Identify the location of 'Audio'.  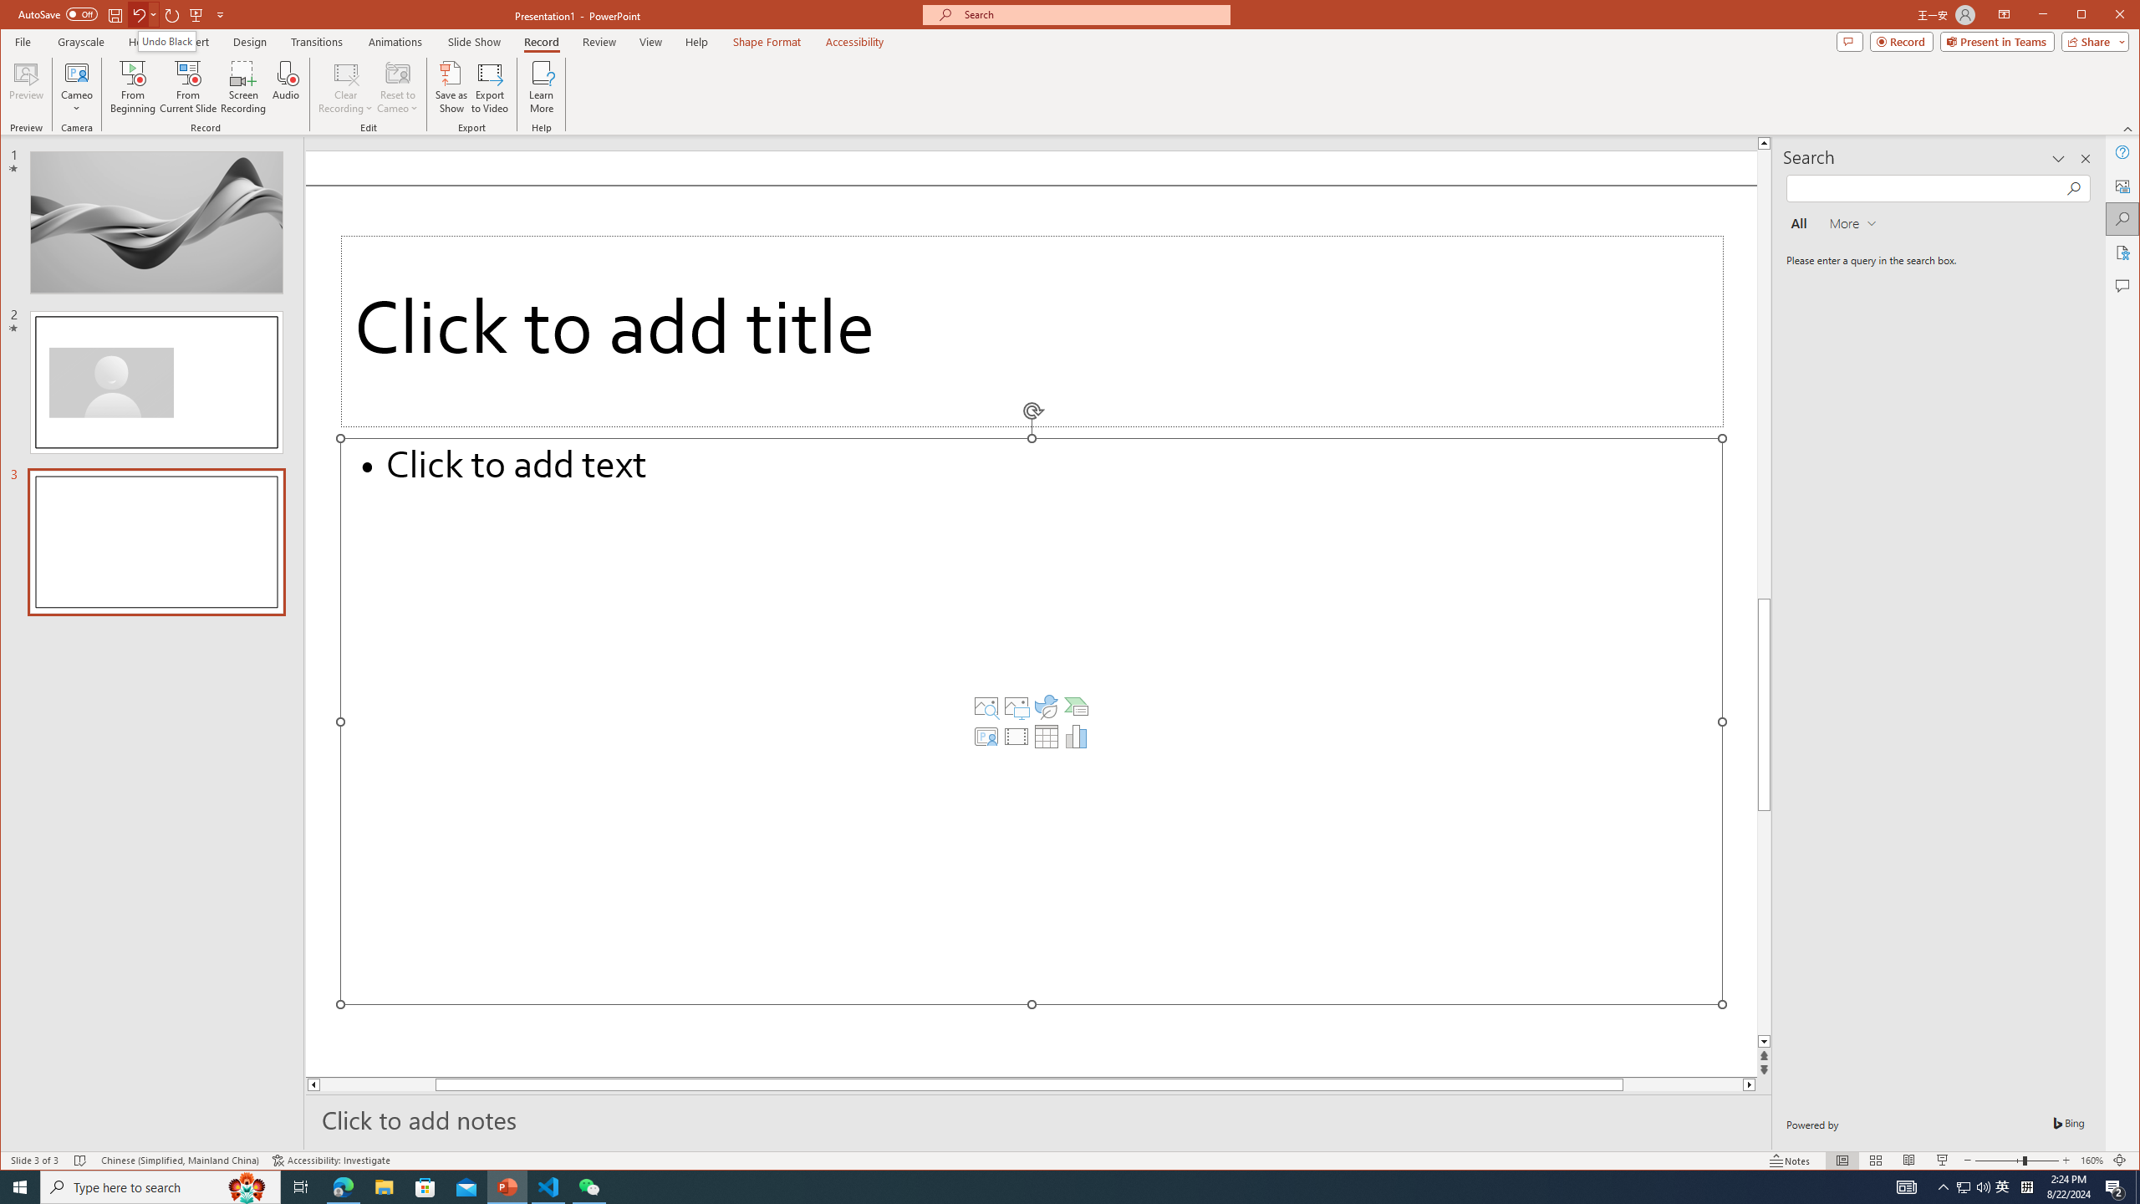
(285, 86).